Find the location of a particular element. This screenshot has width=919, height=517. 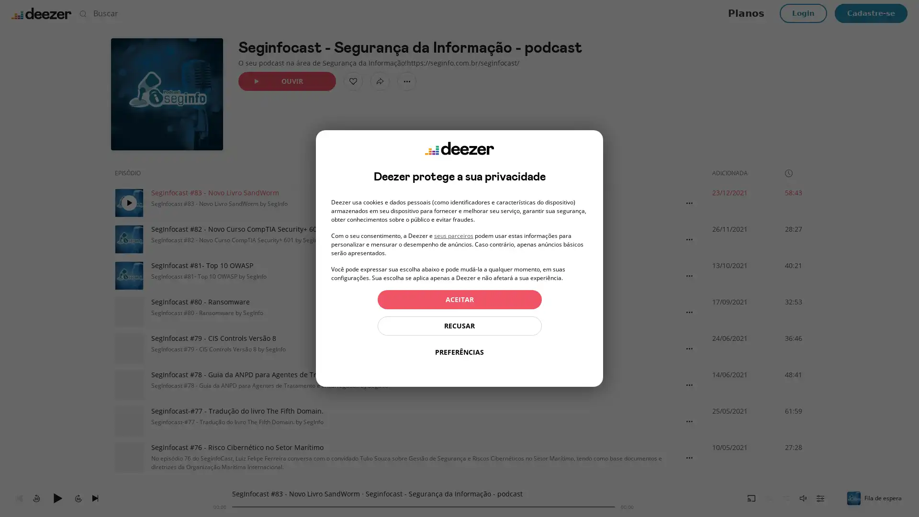

EPISODIO is located at coordinates (131, 173).